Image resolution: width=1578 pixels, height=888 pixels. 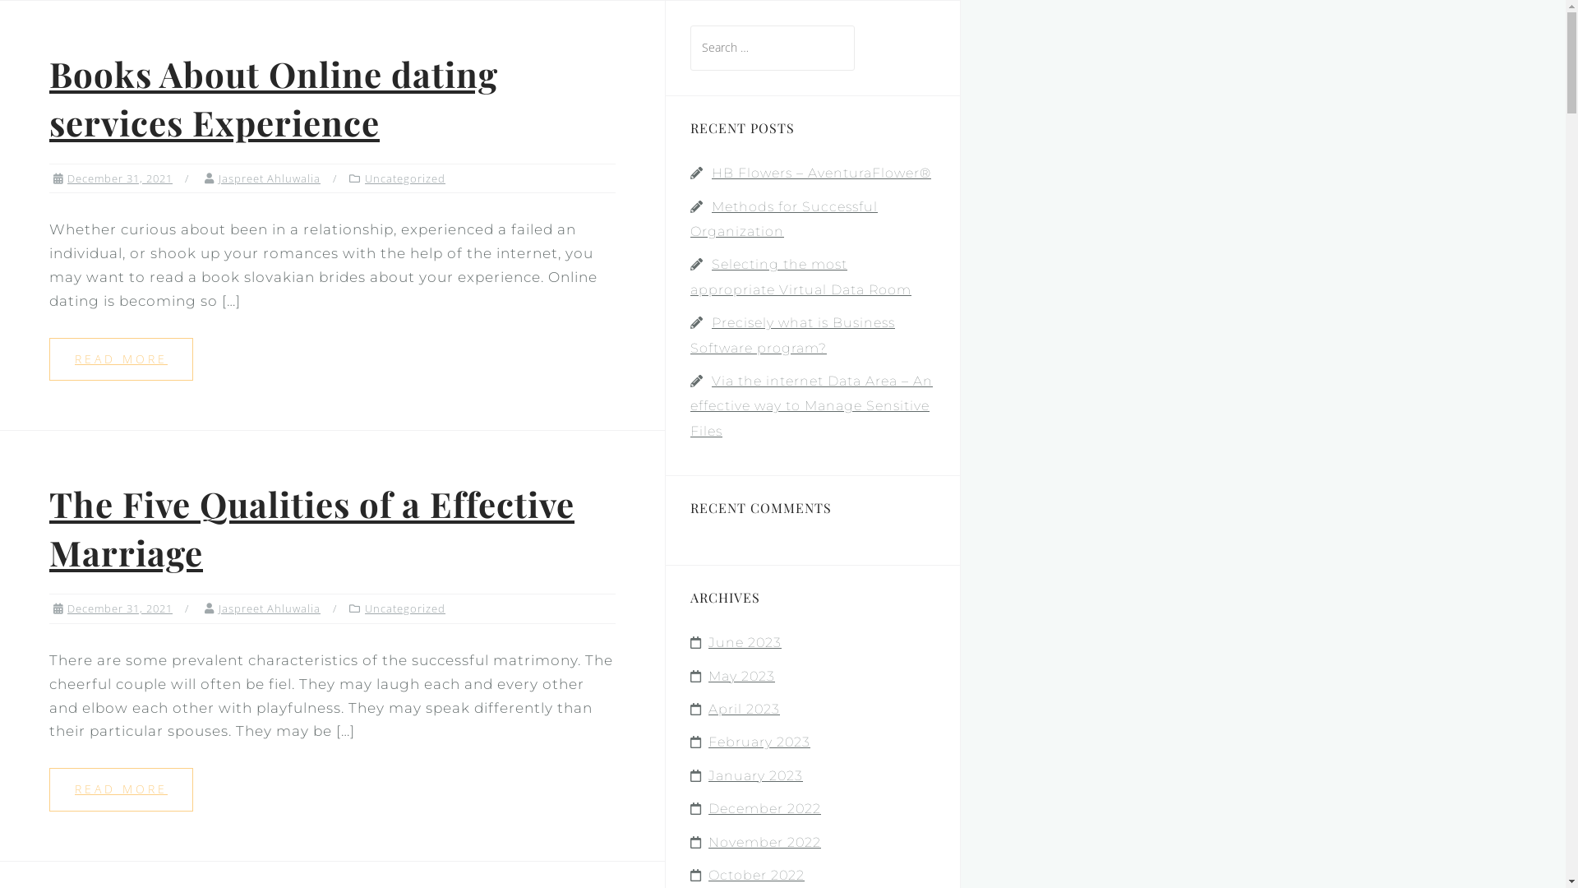 What do you see at coordinates (764, 807) in the screenshot?
I see `'December 2022'` at bounding box center [764, 807].